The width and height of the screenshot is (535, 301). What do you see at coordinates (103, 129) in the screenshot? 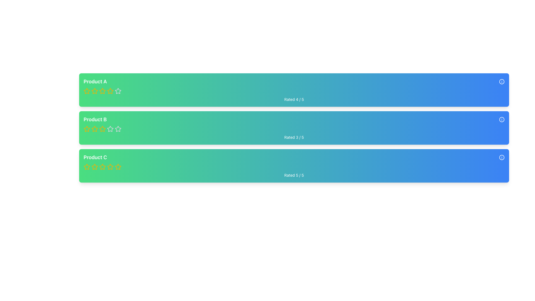
I see `the selected yellow star icon, which is the second star in the horizontal sequence for rating 'Product B'` at bounding box center [103, 129].